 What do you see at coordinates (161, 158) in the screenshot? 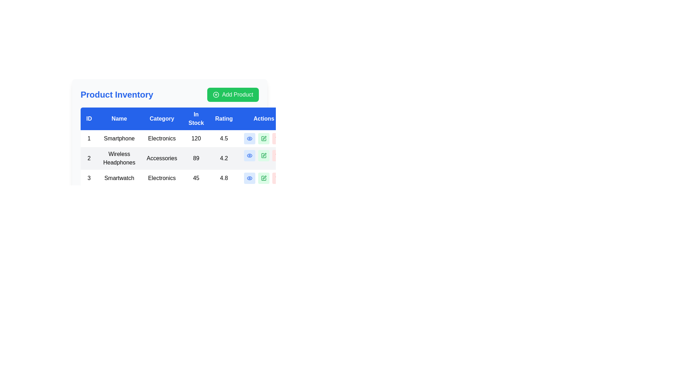
I see `the 'Accessories' text label, which is centrally aligned in the 'Category' column of the second row in the table` at bounding box center [161, 158].